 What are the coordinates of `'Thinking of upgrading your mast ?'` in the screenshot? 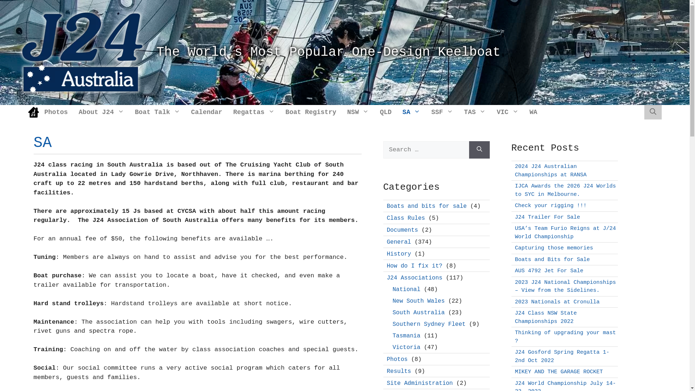 It's located at (565, 337).